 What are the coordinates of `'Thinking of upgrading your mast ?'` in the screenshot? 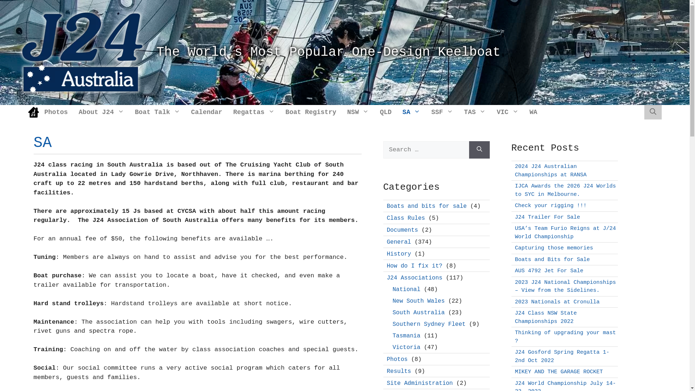 It's located at (565, 337).